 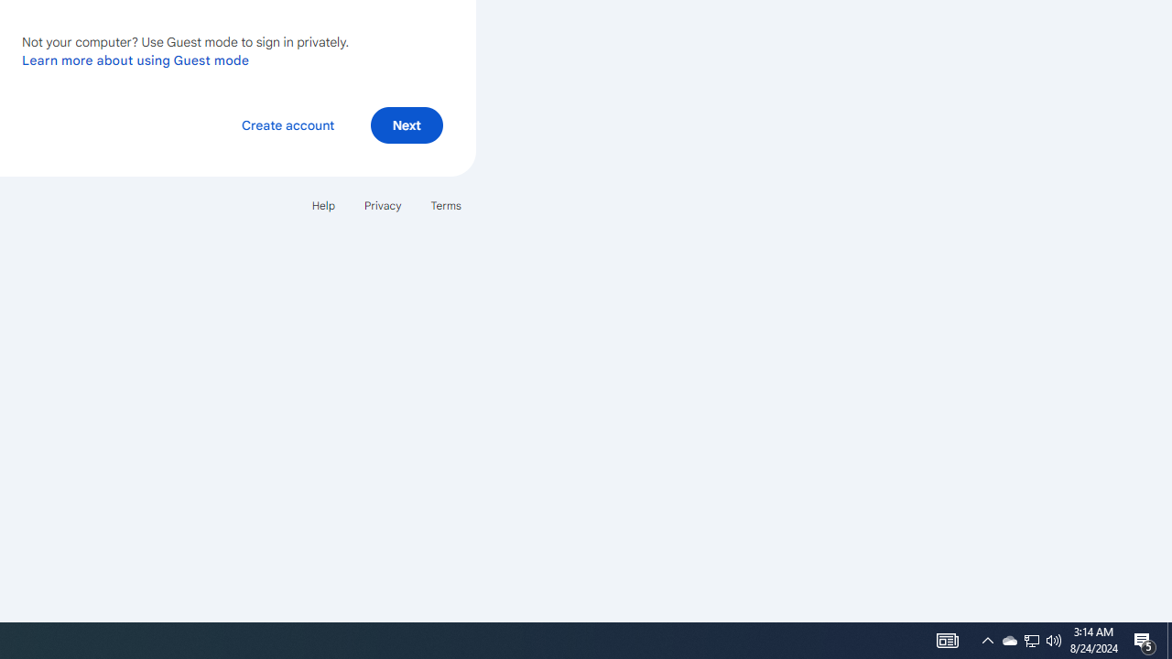 What do you see at coordinates (287, 124) in the screenshot?
I see `'Create account'` at bounding box center [287, 124].